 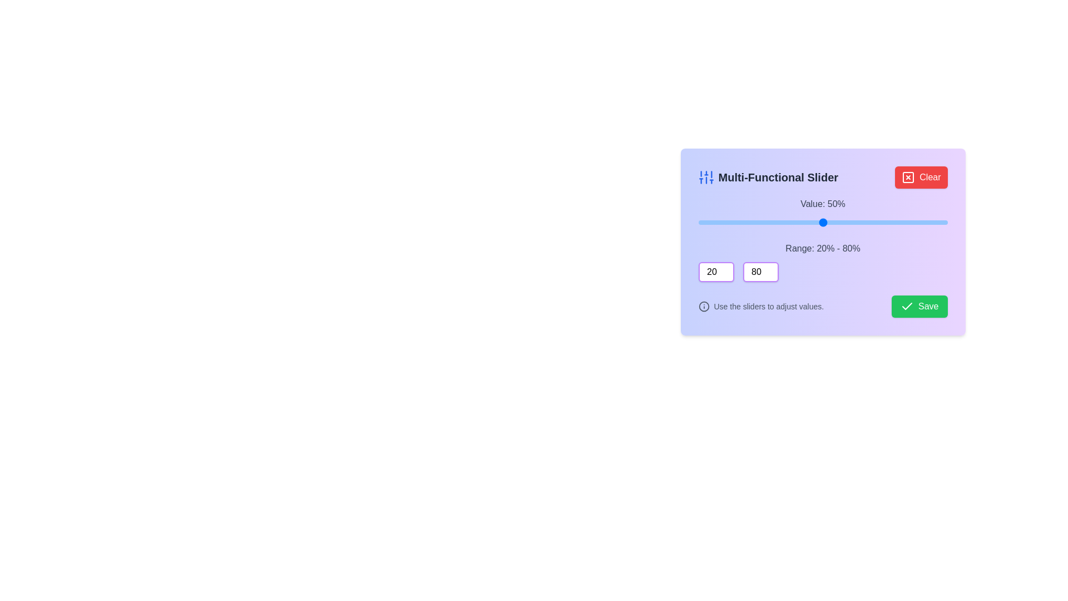 What do you see at coordinates (823, 248) in the screenshot?
I see `the Text Label displaying 'Range: 20% - 80%' with gray font in the main control panel` at bounding box center [823, 248].